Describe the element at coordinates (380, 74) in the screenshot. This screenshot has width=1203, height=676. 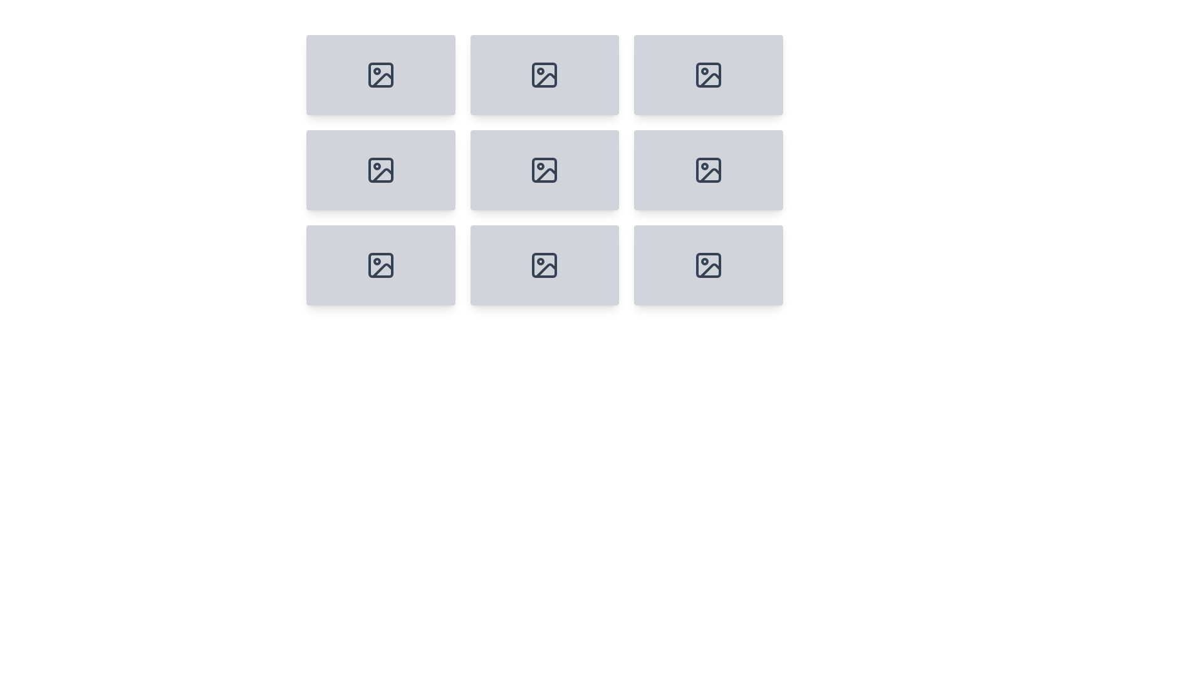
I see `the first card in the top-left corner of the 3x3 grid layout` at that location.